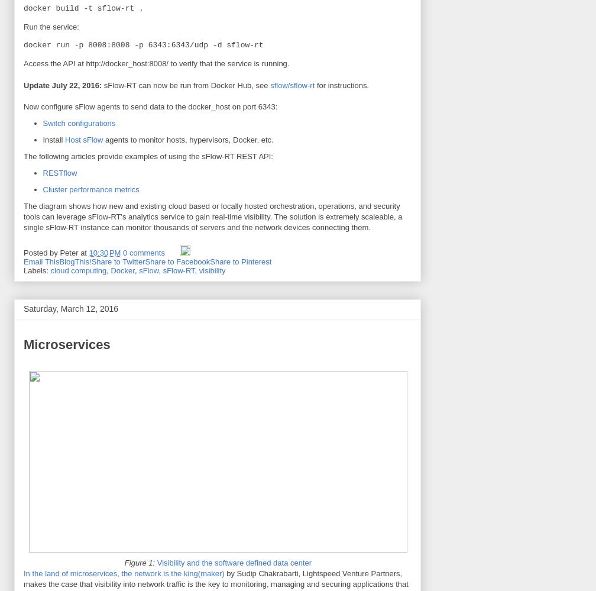 This screenshot has width=596, height=591. What do you see at coordinates (241, 260) in the screenshot?
I see `'Share to Pinterest'` at bounding box center [241, 260].